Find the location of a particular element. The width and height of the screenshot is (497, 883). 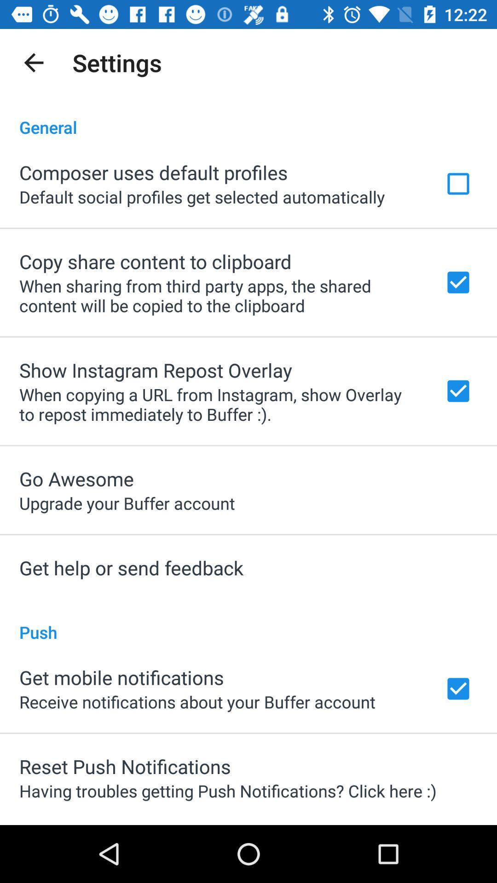

when copying a icon is located at coordinates (220, 404).